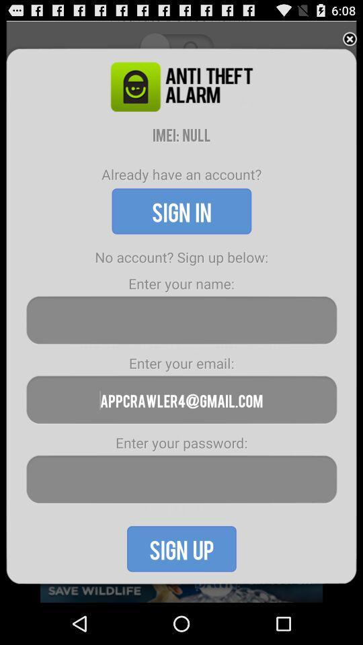 The height and width of the screenshot is (645, 363). What do you see at coordinates (182, 320) in the screenshot?
I see `una alarma perfecta` at bounding box center [182, 320].